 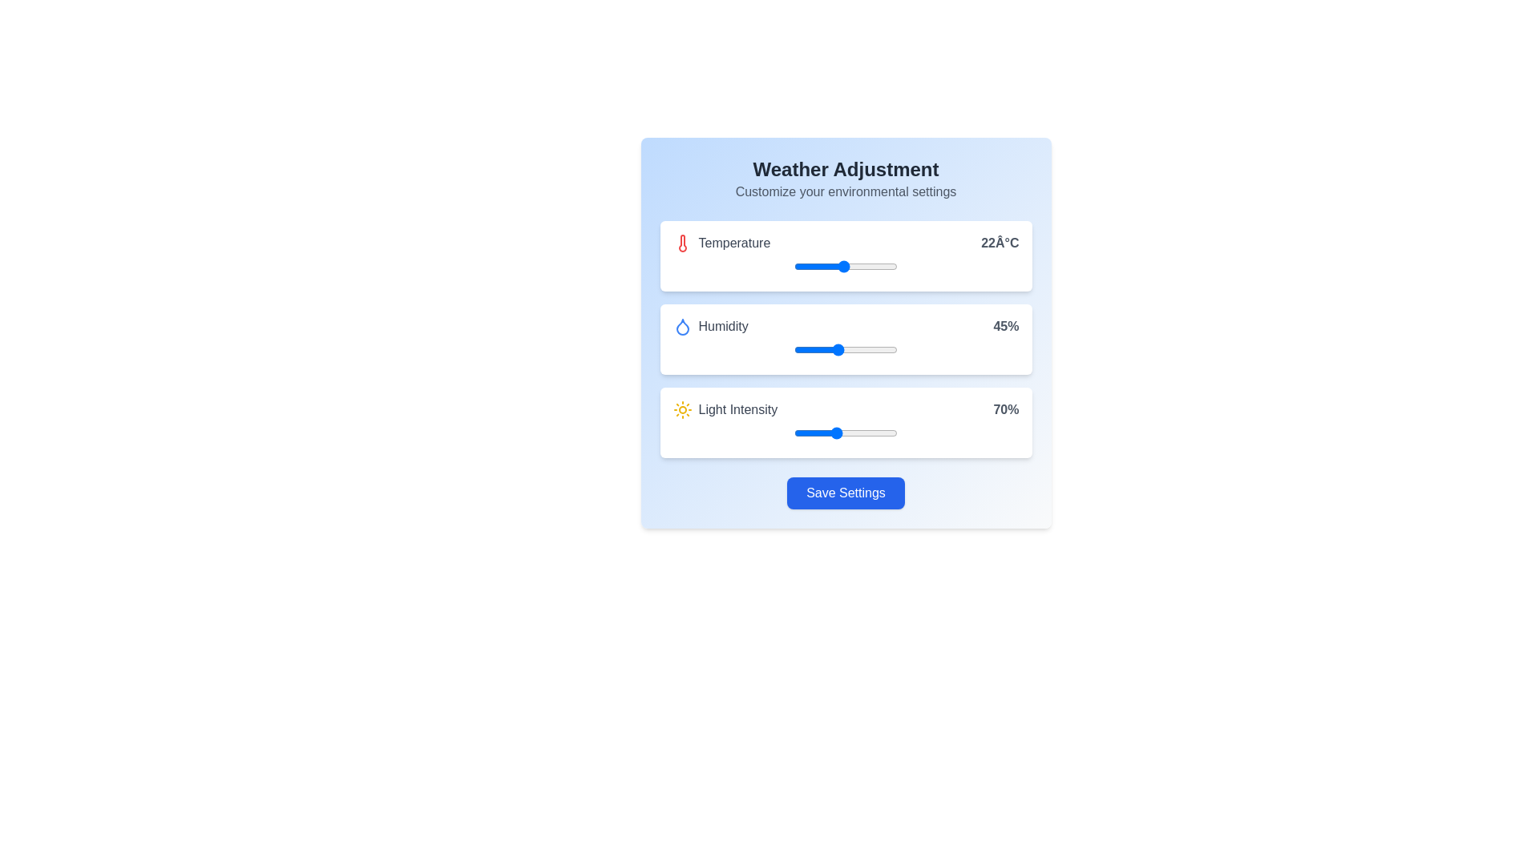 What do you see at coordinates (862, 348) in the screenshot?
I see `the humidity level` at bounding box center [862, 348].